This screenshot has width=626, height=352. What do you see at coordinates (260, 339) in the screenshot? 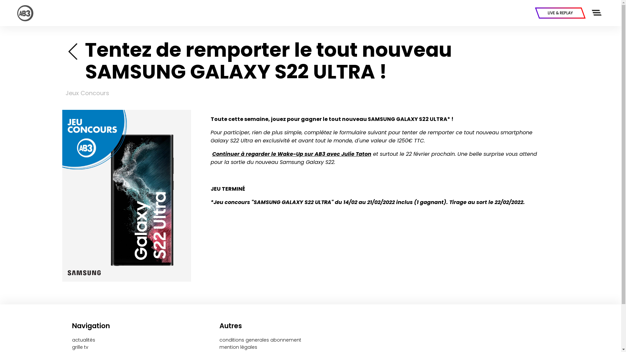
I see `'conditions generales abonnement'` at bounding box center [260, 339].